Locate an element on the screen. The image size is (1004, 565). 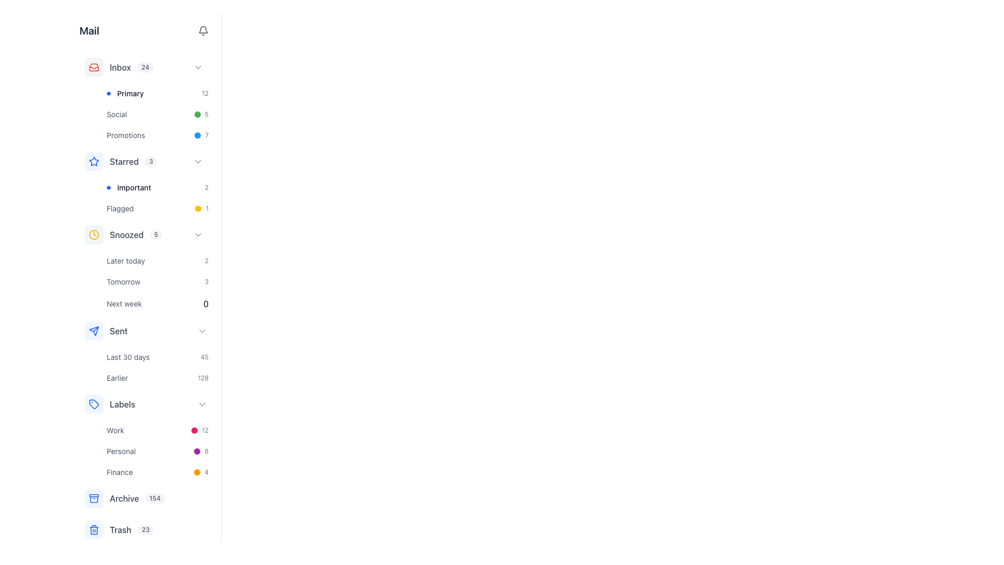
the text label reading 'Finance', which is styled with a light gray color and smaller font size, located under the 'Labels' section in the vertical navigation panel is located at coordinates (120, 472).